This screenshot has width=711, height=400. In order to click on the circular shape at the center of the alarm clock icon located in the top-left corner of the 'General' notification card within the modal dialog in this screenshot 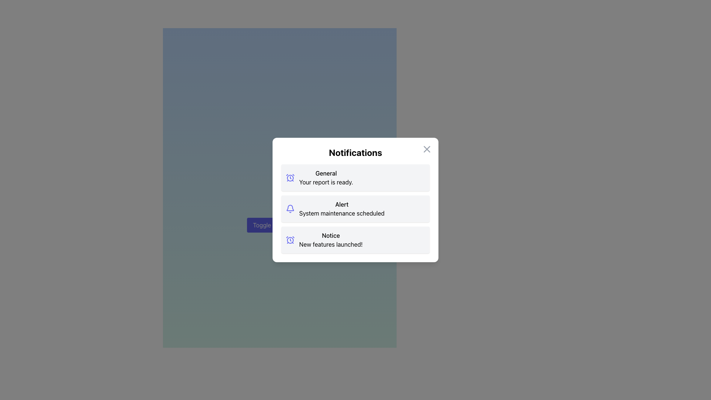, I will do `click(290, 178)`.